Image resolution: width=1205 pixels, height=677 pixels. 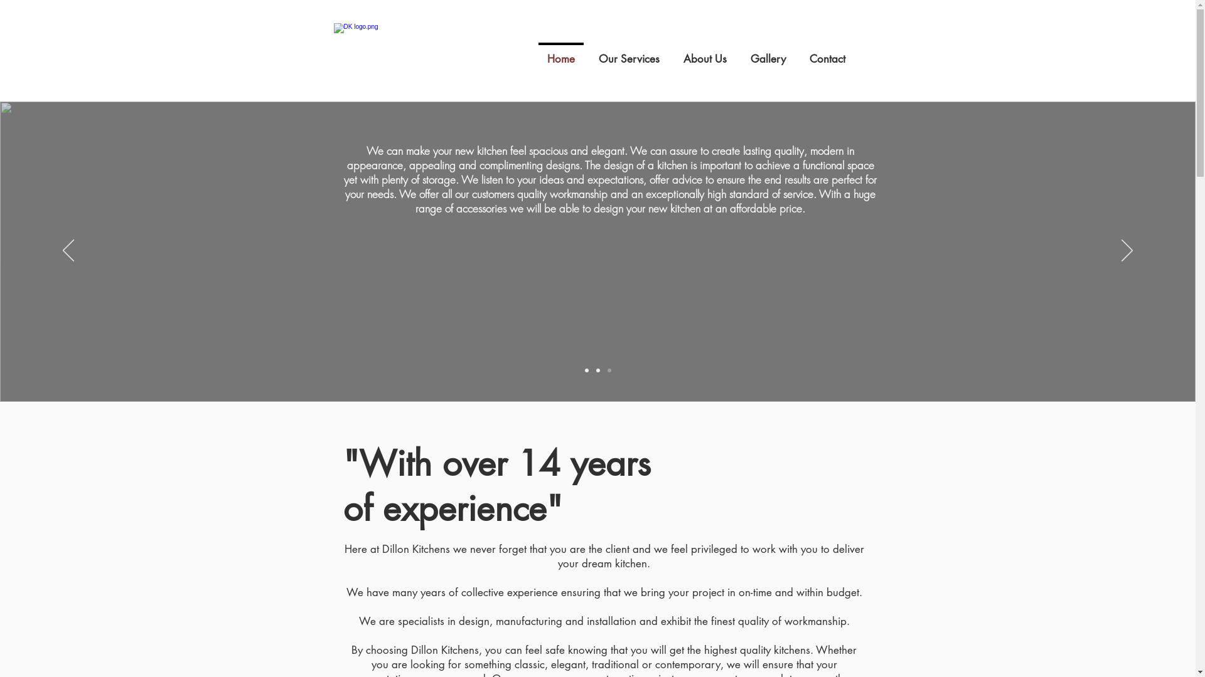 I want to click on 'About Us', so click(x=705, y=52).